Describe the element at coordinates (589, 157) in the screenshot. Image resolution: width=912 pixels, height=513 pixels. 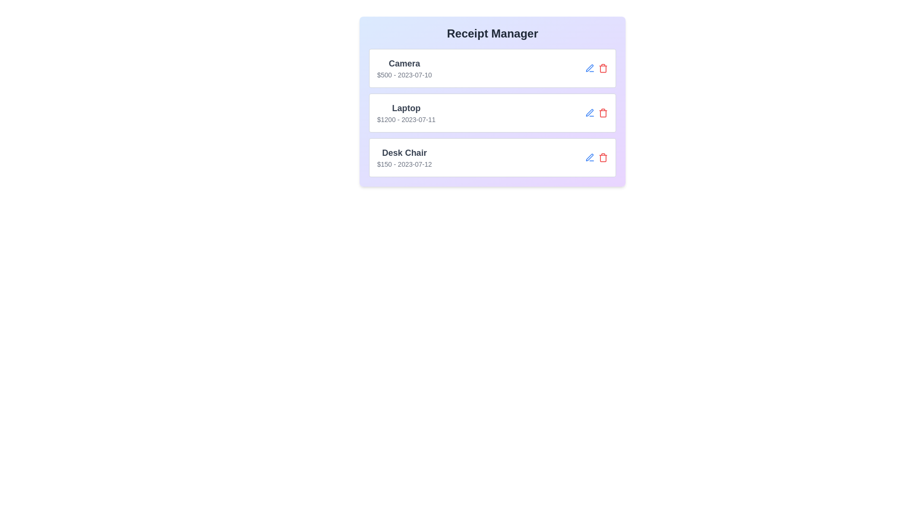
I see `the edit button for the receipt entry corresponding to Desk Chair` at that location.